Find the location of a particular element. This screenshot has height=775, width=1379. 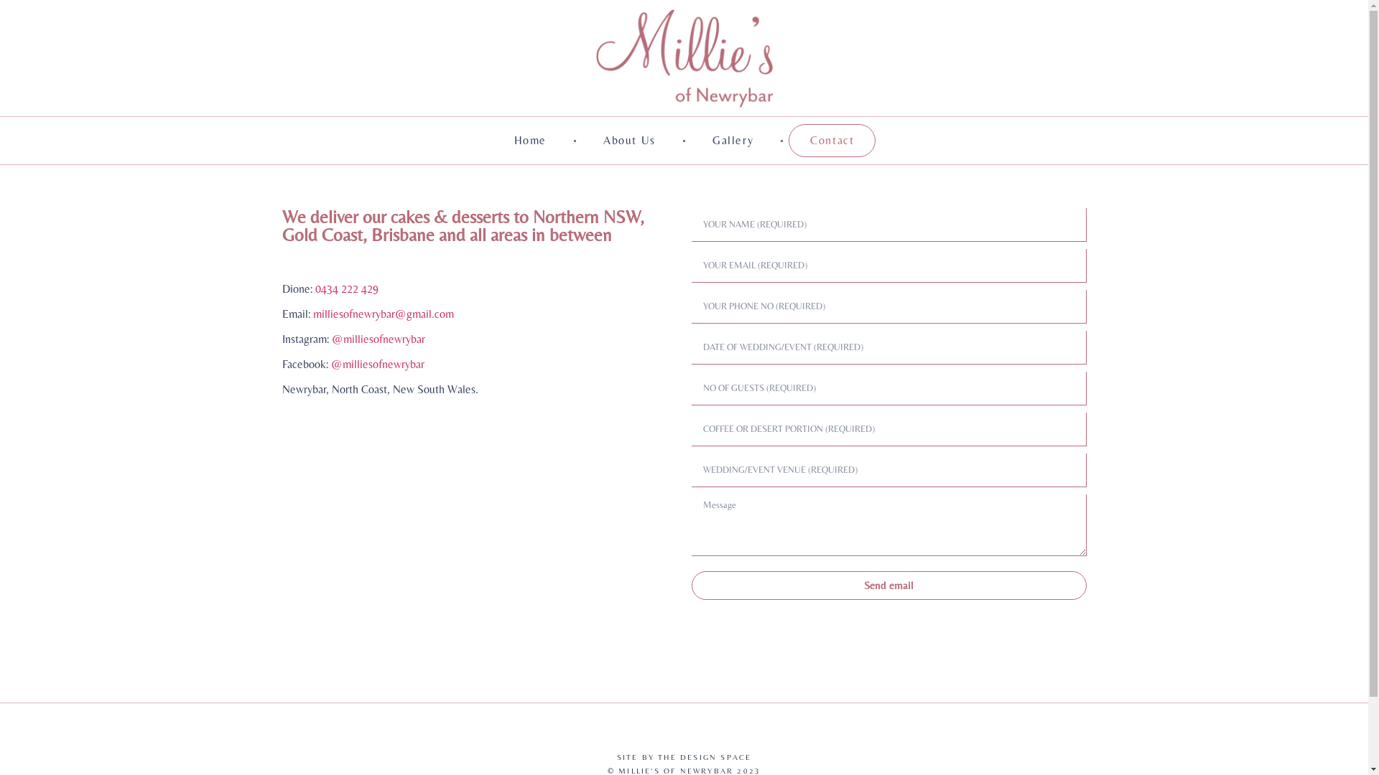

'About Us' is located at coordinates (629, 141).